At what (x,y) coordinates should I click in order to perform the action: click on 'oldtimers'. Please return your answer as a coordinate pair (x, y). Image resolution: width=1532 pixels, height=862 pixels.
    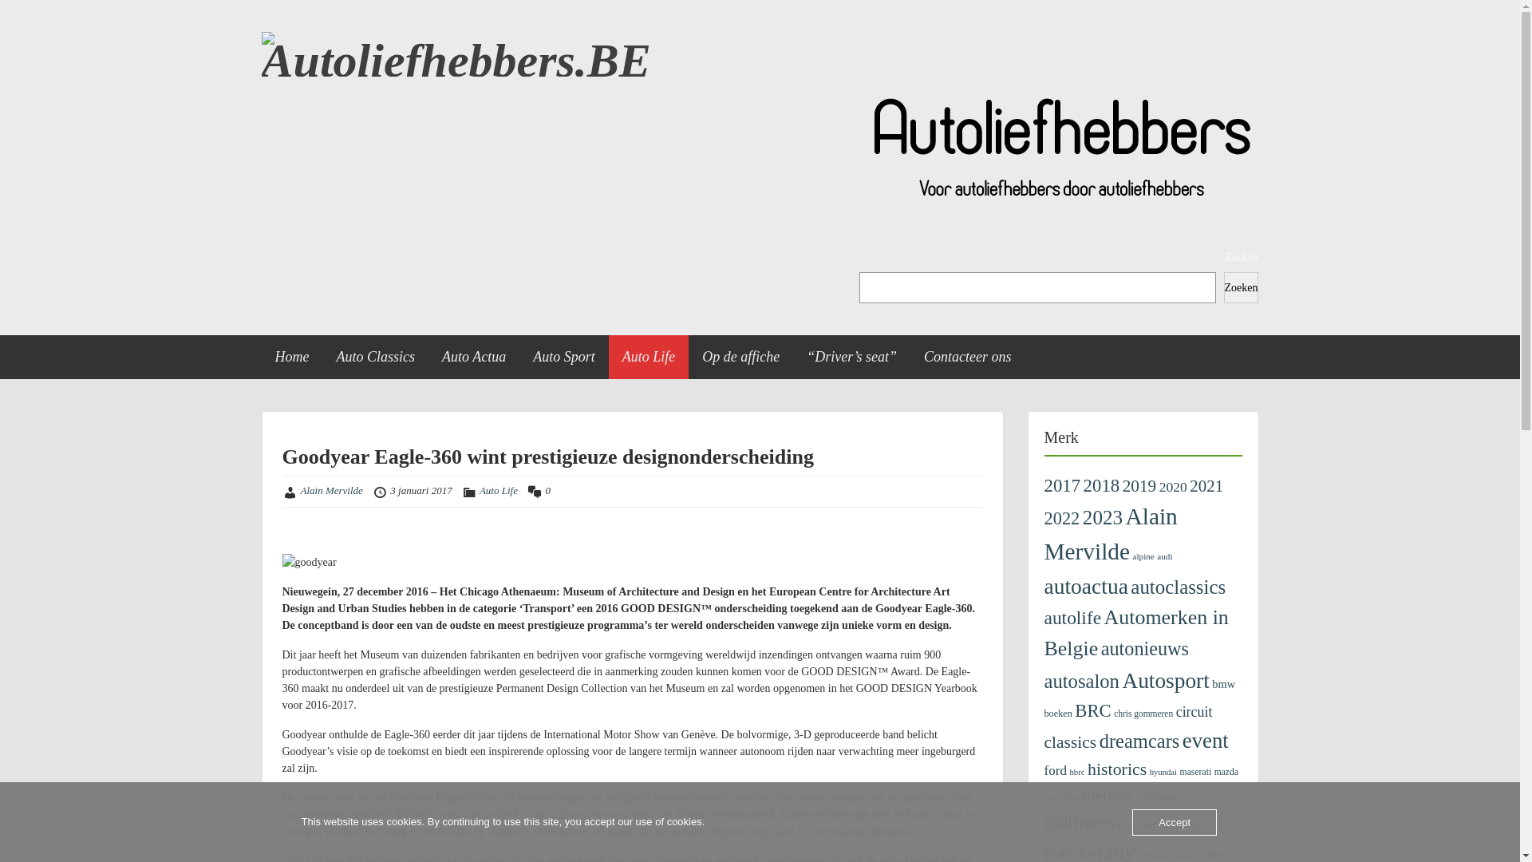
    Looking at the image, I should click on (1080, 821).